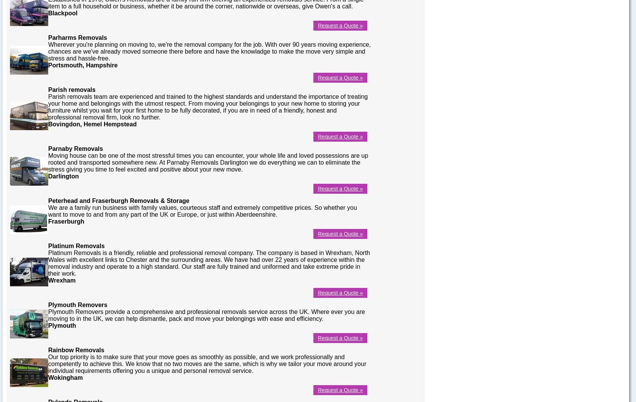 The height and width of the screenshot is (402, 636). What do you see at coordinates (76, 245) in the screenshot?
I see `'Platinum Removals'` at bounding box center [76, 245].